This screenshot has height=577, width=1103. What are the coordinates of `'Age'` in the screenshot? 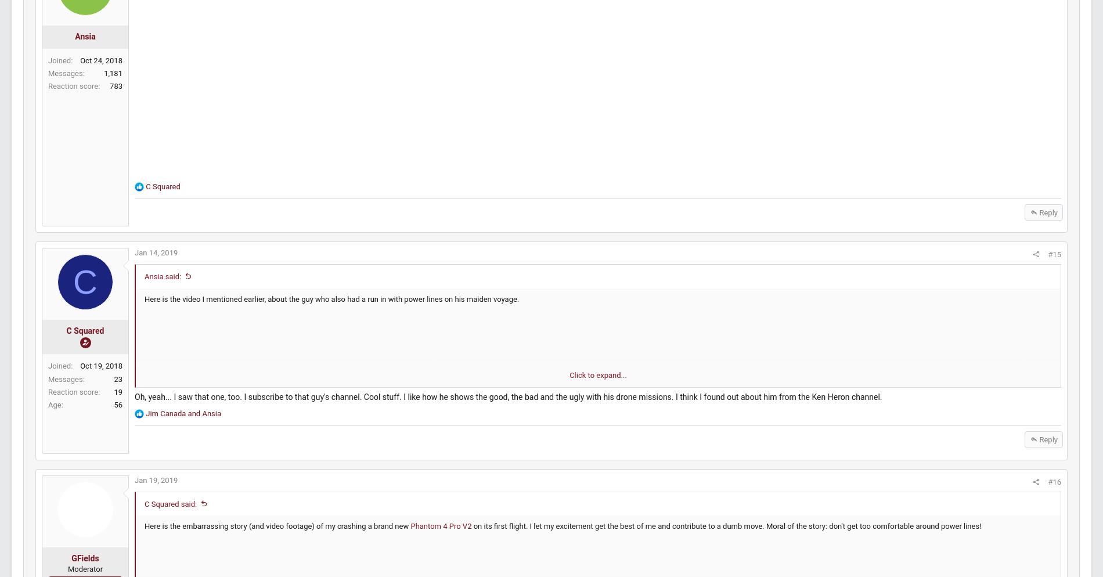 It's located at (75, 416).